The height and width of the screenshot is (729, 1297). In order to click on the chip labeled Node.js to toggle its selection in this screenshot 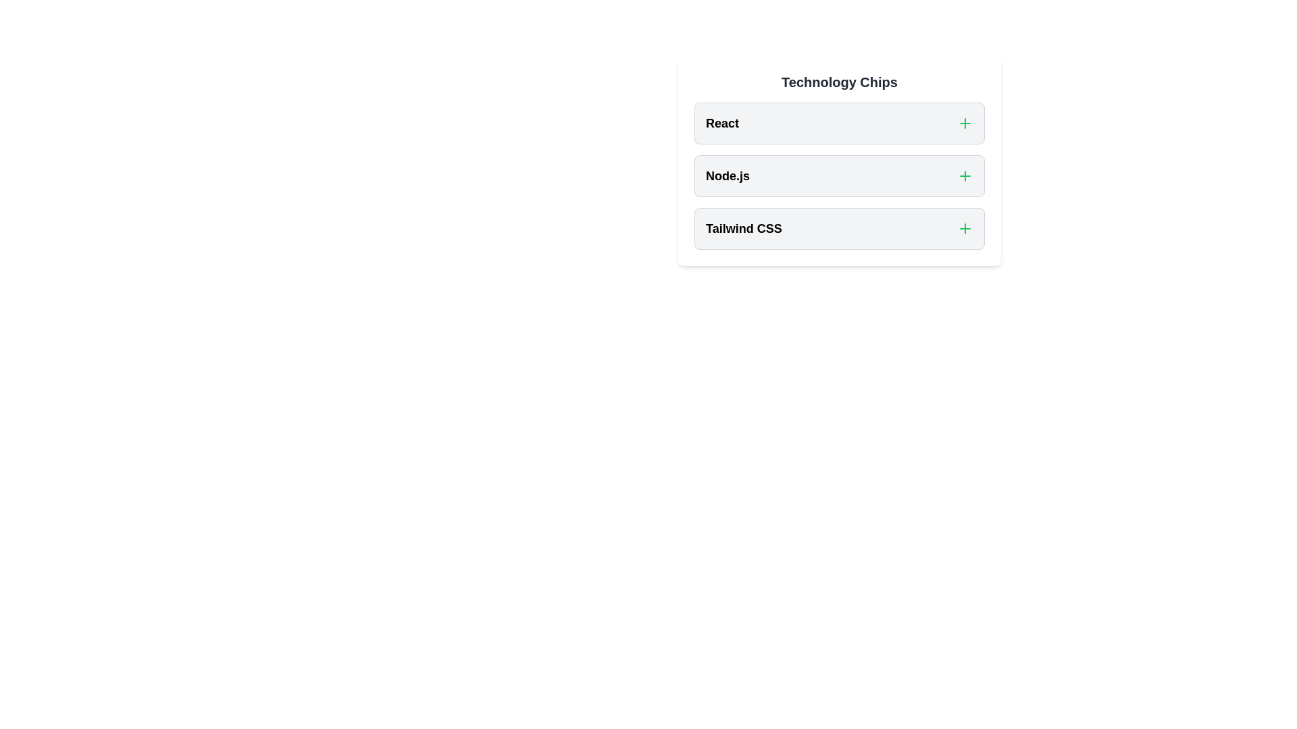, I will do `click(839, 175)`.